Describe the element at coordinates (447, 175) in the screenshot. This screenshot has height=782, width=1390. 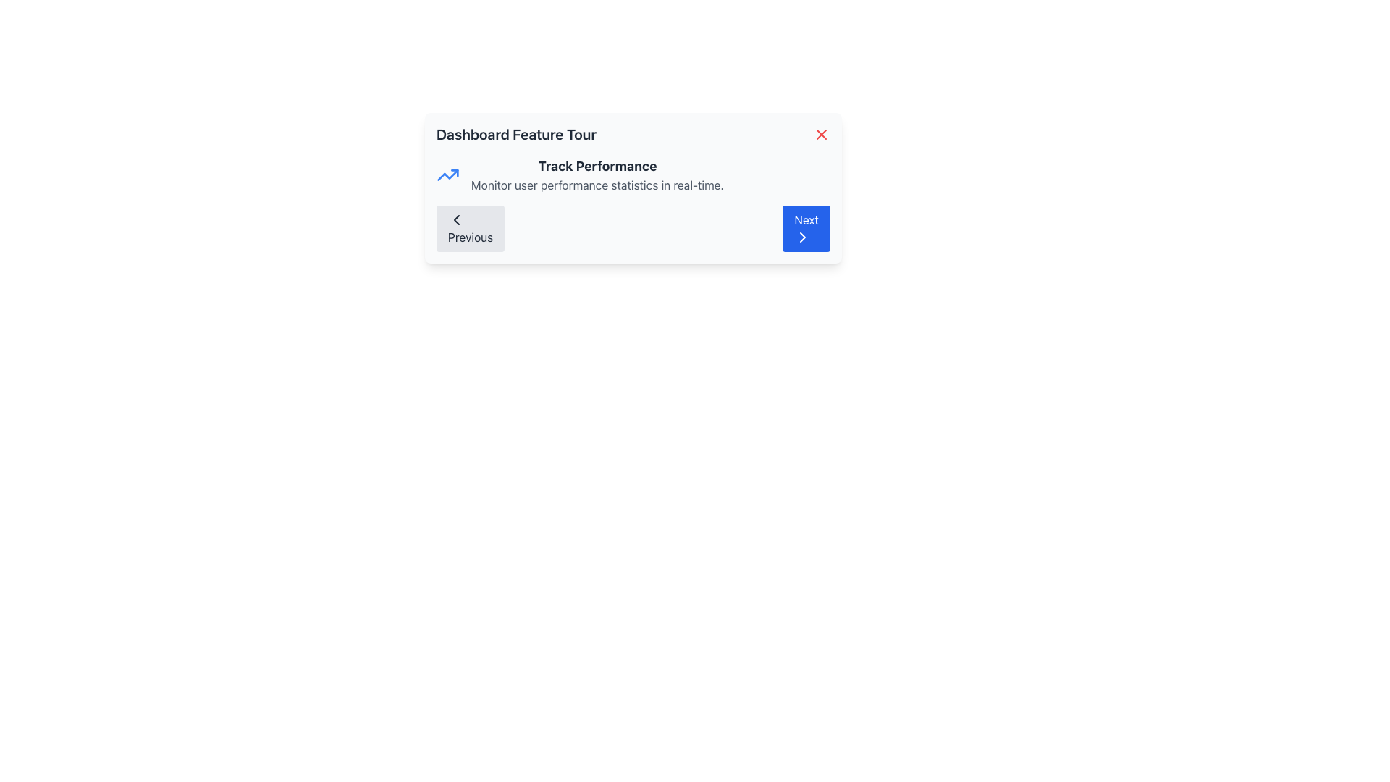
I see `the line chart icon located to the left of the 'Track Performance' title in the guided tour modal` at that location.